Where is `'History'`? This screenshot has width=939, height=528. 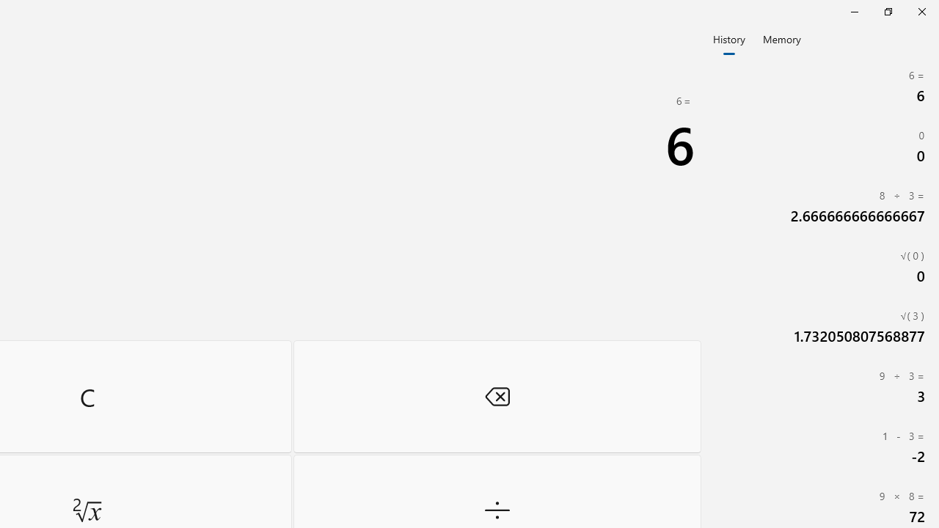 'History' is located at coordinates (728, 37).